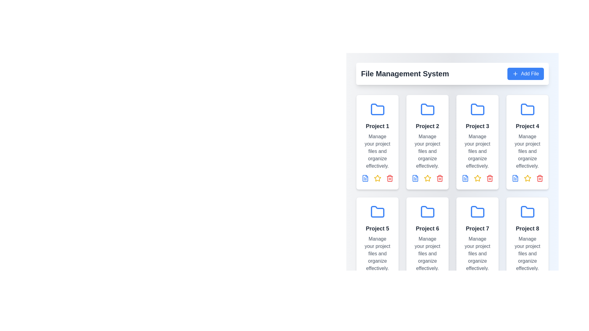  Describe the element at coordinates (527, 254) in the screenshot. I see `the Text Label element that contains the description 'Manage your project files and organize effectively.' located below the title 'Project 8' in the card layout` at that location.